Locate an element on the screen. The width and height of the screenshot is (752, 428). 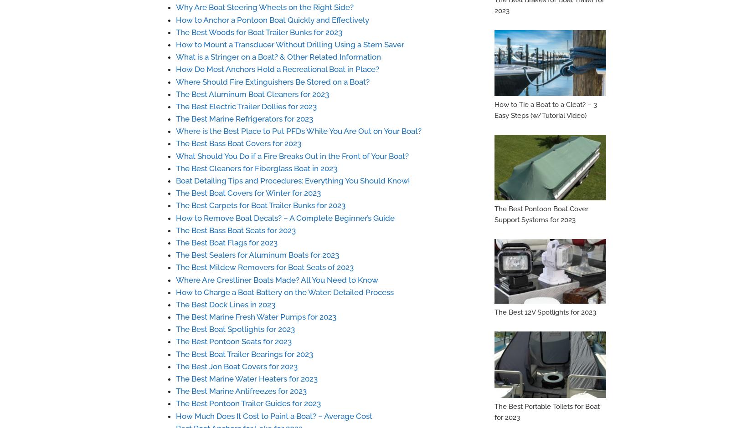
'The Best Boat Spotlights for 2023' is located at coordinates (235, 329).